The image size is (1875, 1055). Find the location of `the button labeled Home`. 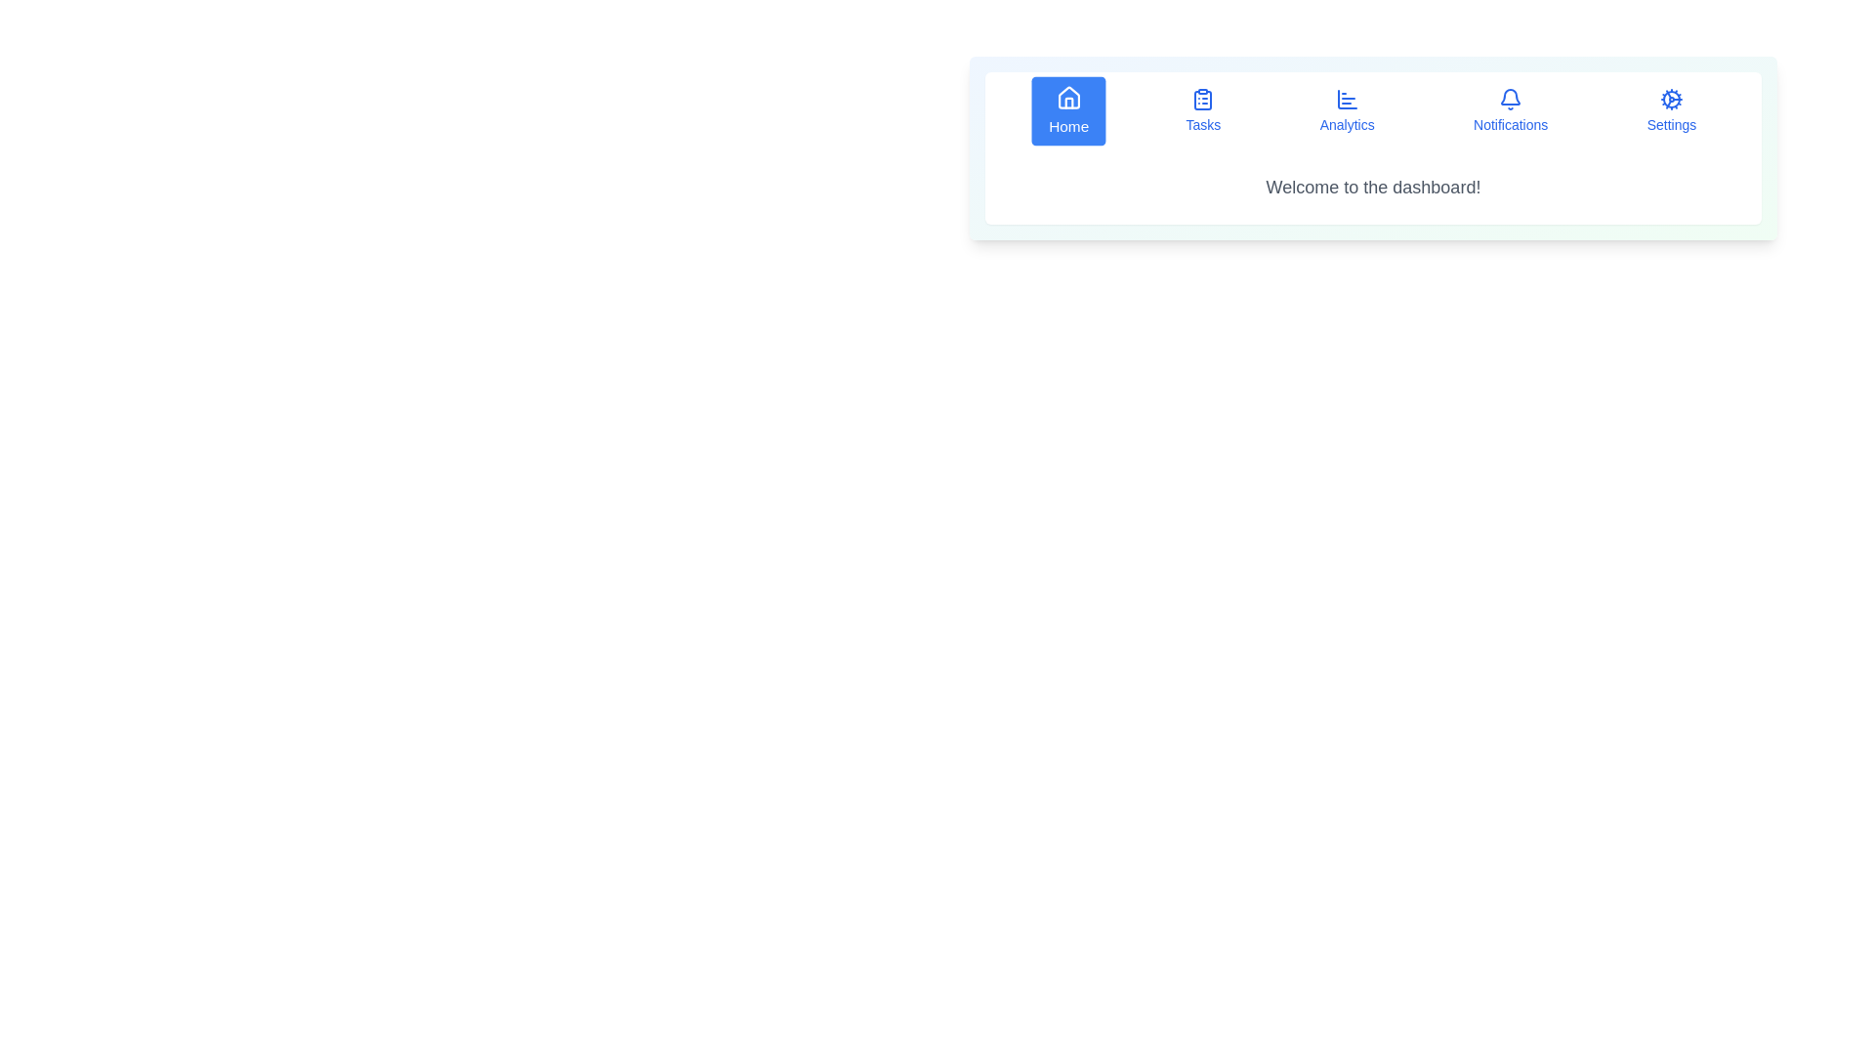

the button labeled Home is located at coordinates (1067, 111).